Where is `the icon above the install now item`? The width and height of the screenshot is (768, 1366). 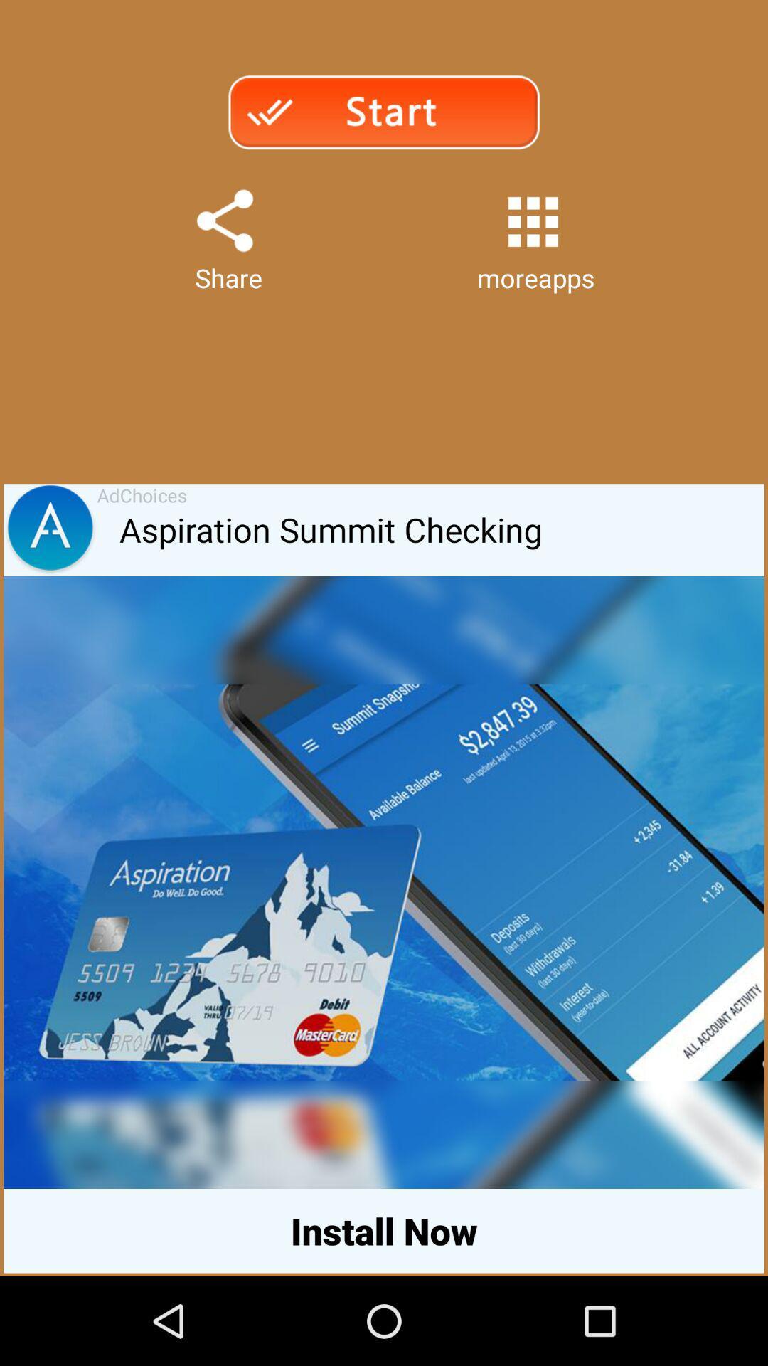
the icon above the install now item is located at coordinates (384, 1134).